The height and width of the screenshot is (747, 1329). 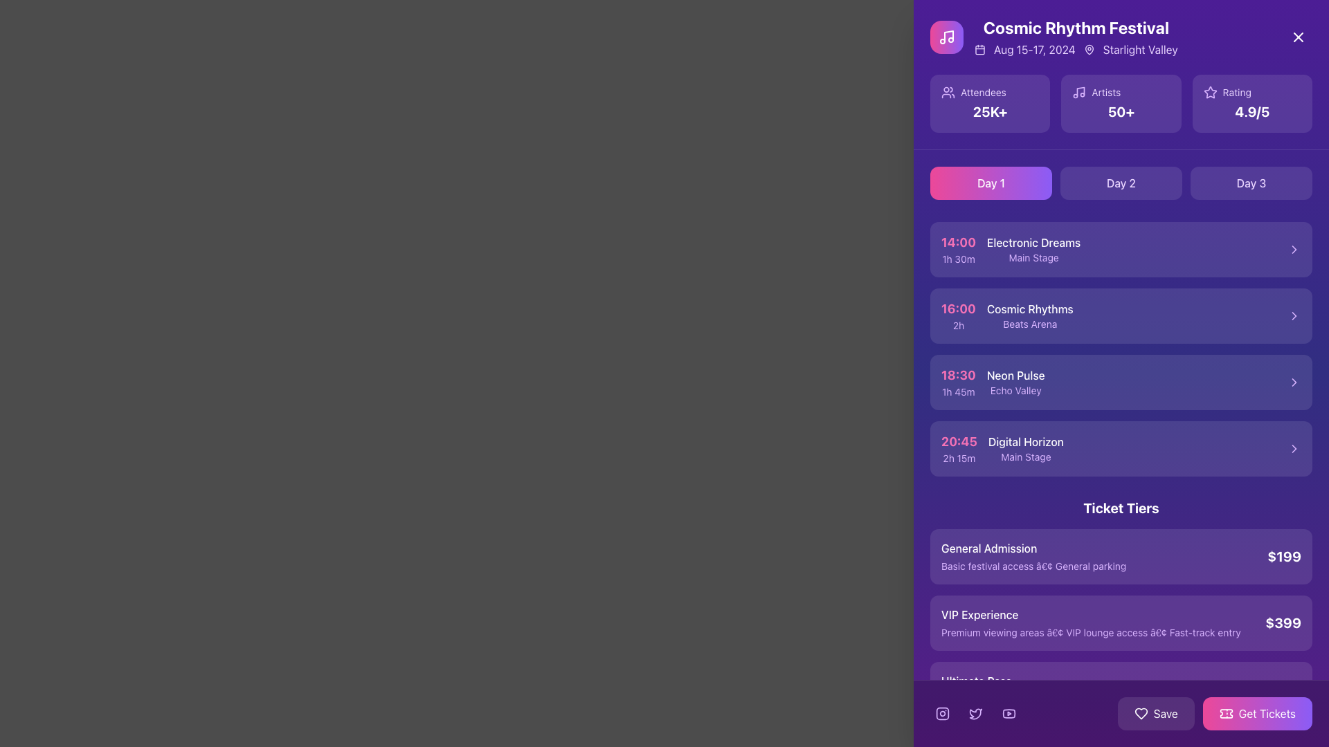 I want to click on the List item displaying the details and price of the 'VIP Experience' ticket option, so click(x=1121, y=623).